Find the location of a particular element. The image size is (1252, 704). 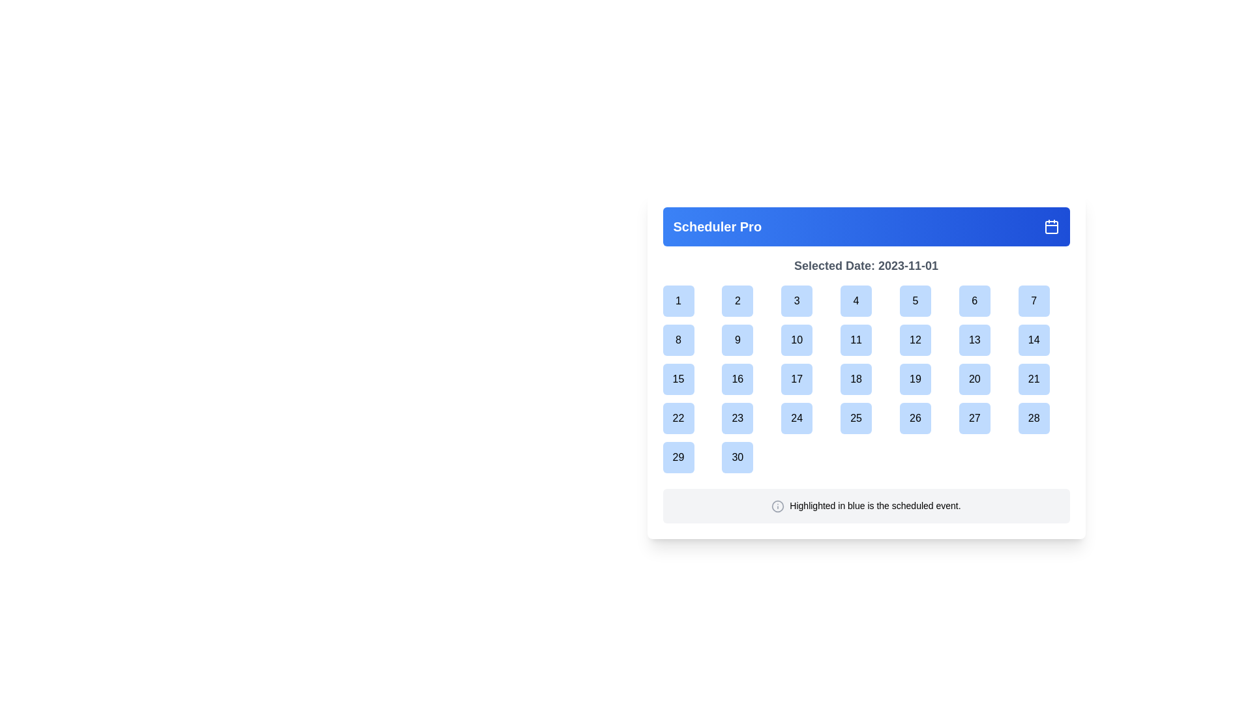

the square button with rounded corners and a light blue background that contains the number '8' centered in bold black font is located at coordinates (678, 339).